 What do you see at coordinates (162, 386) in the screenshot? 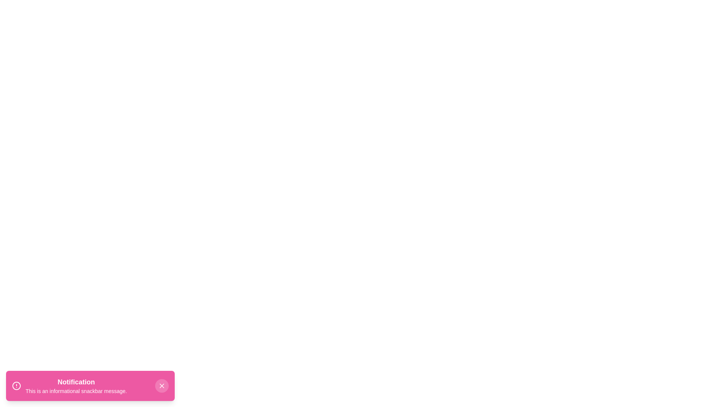
I see `the close button to dismiss the snackbar` at bounding box center [162, 386].